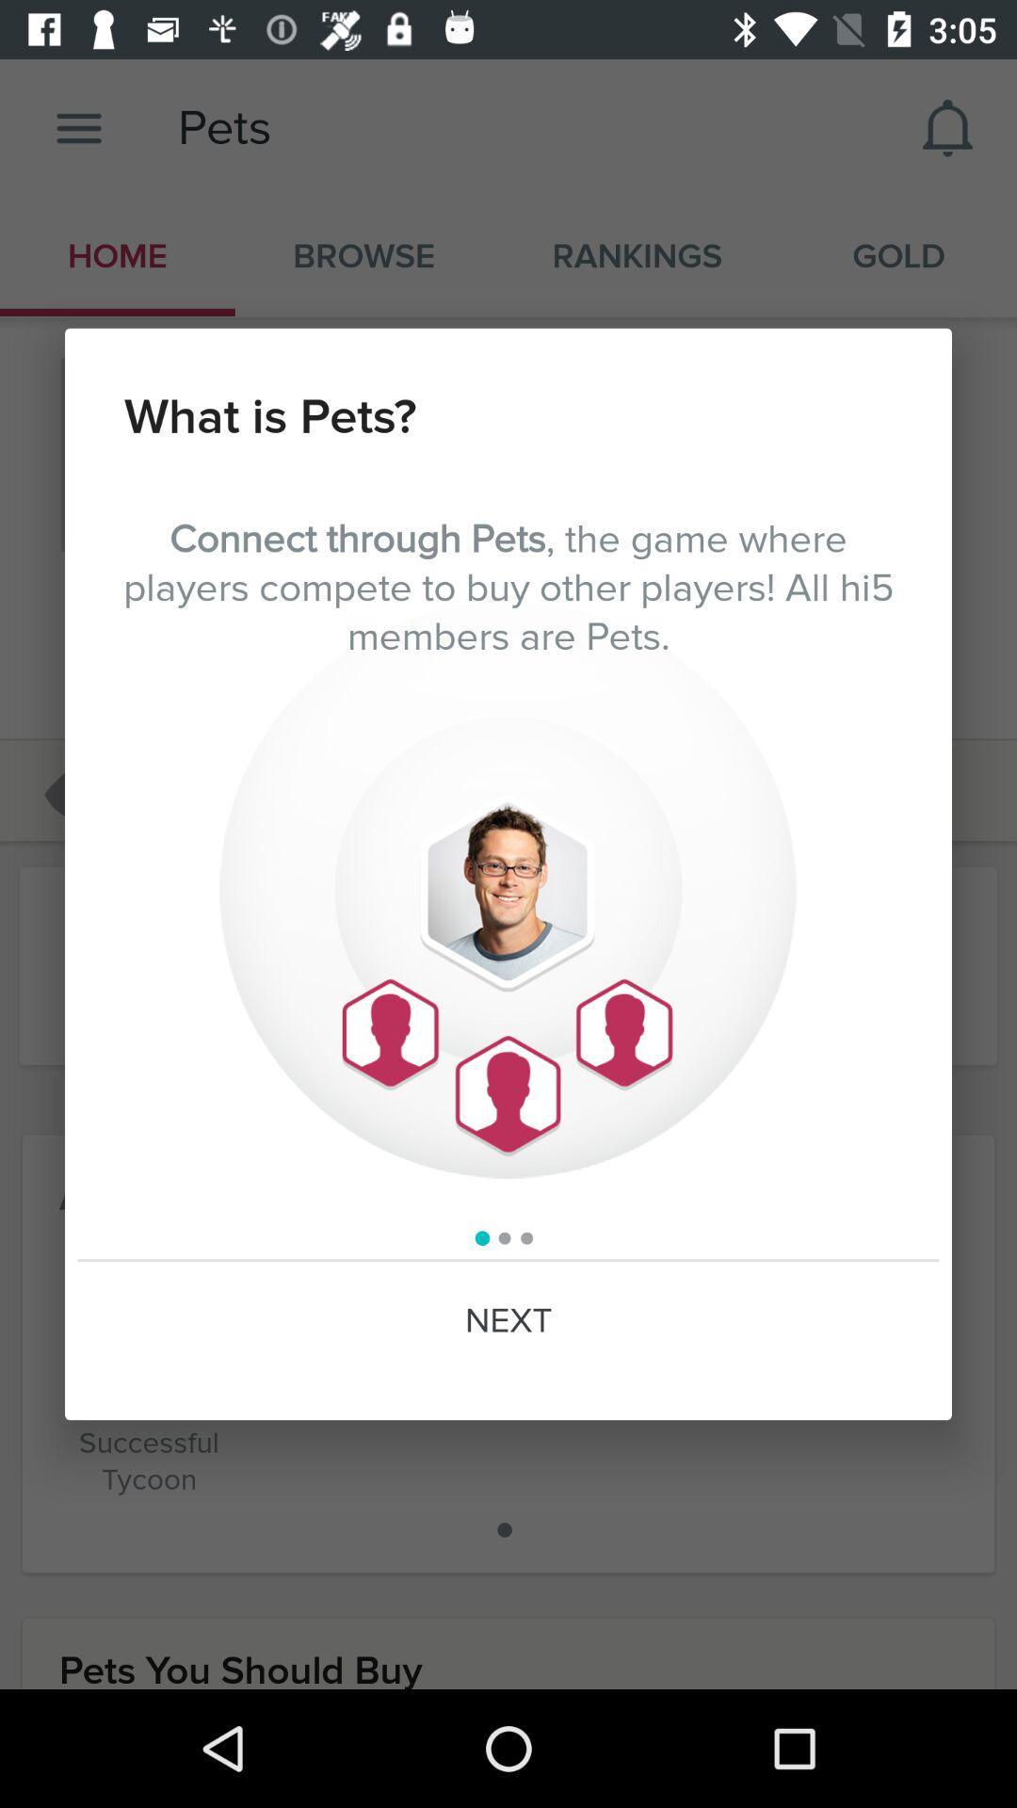  What do you see at coordinates (508, 1320) in the screenshot?
I see `next` at bounding box center [508, 1320].